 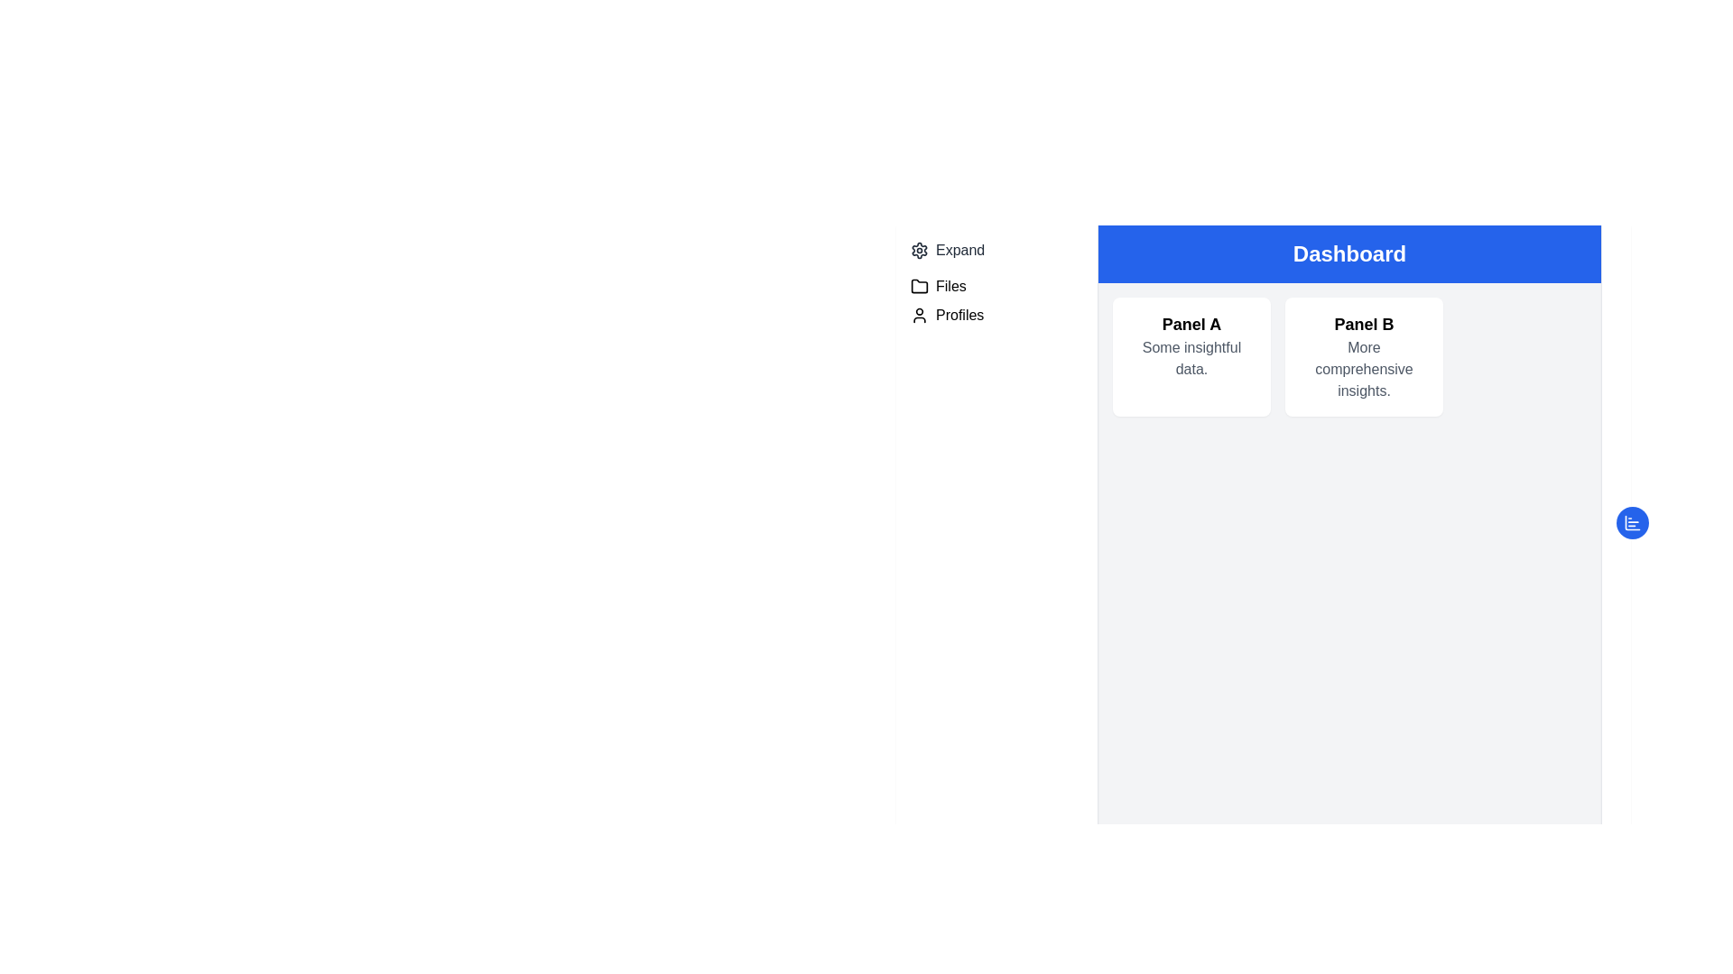 I want to click on the 'Files' text label located to the right of the folder icon in the vertical navigation menu, so click(x=950, y=285).